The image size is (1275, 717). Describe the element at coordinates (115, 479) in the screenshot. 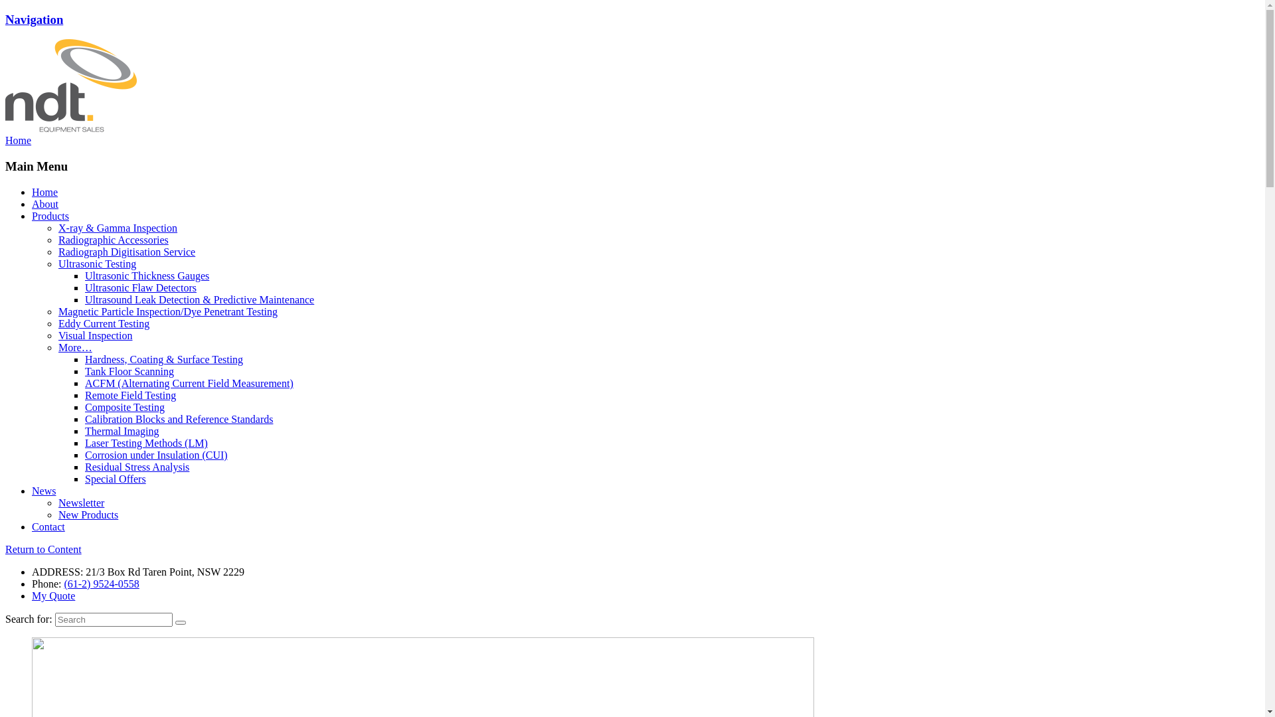

I see `'Special Offers'` at that location.